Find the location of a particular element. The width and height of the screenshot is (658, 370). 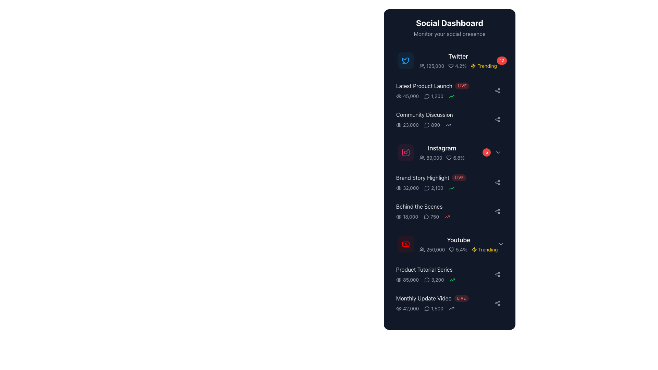

the Dashboard list item that displays 'Latest Product Launch' with the red 'LIVE' badge, located between the 'Twitter' entry and 'Community Discussion' is located at coordinates (444, 90).